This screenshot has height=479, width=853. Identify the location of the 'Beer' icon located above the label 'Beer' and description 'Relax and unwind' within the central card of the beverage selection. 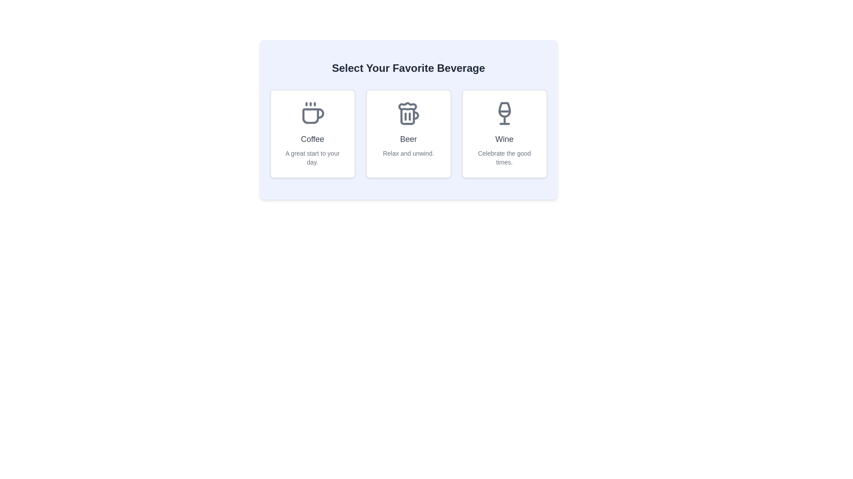
(408, 113).